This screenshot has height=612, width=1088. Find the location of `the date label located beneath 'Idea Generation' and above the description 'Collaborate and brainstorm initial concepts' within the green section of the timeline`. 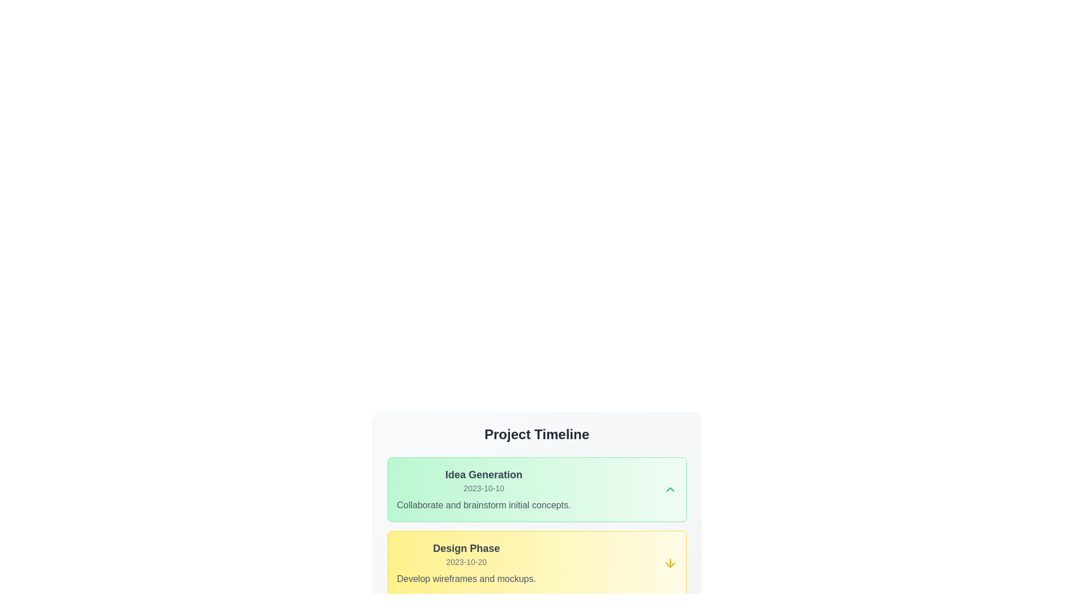

the date label located beneath 'Idea Generation' and above the description 'Collaborate and brainstorm initial concepts' within the green section of the timeline is located at coordinates (483, 487).